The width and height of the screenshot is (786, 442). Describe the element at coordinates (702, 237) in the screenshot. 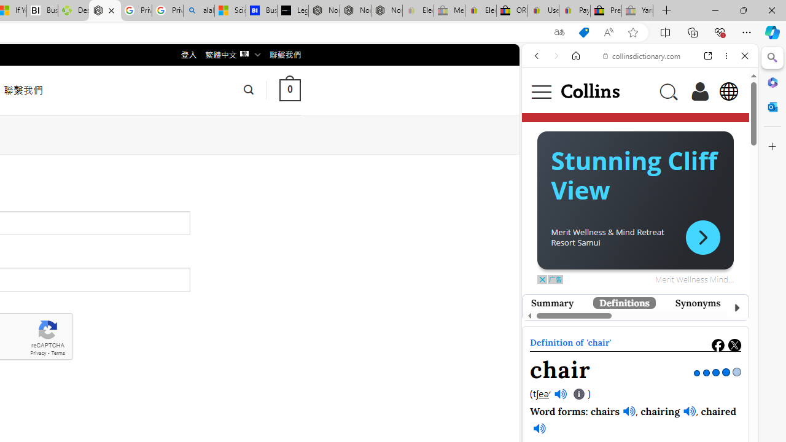

I see `'Class: ns-rrwcd-e-11 flip-on-rtl button'` at that location.